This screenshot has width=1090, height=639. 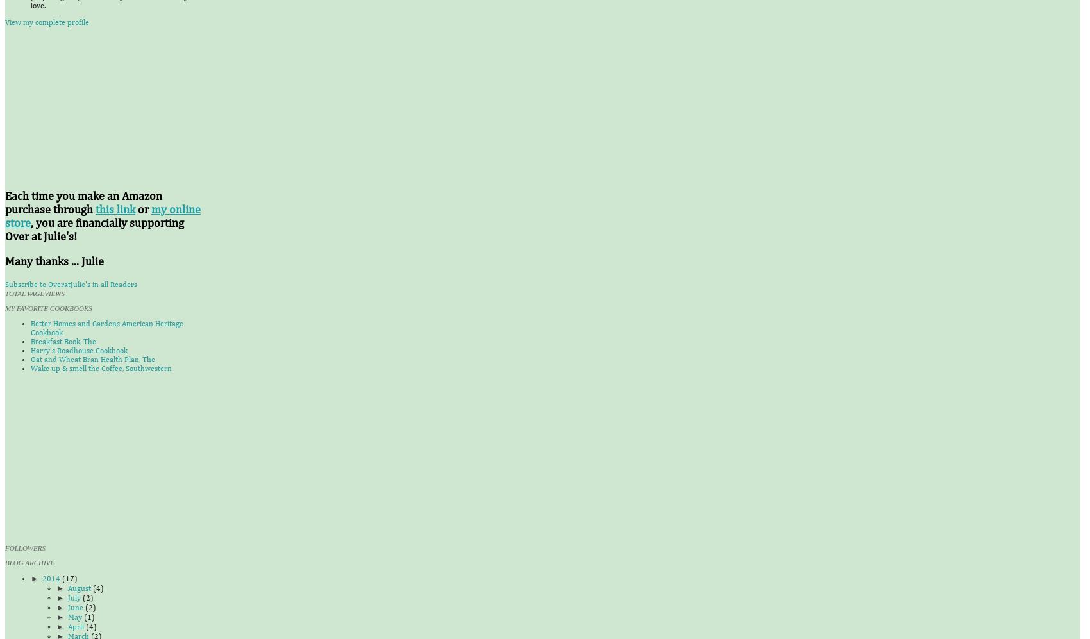 What do you see at coordinates (75, 608) in the screenshot?
I see `'June'` at bounding box center [75, 608].